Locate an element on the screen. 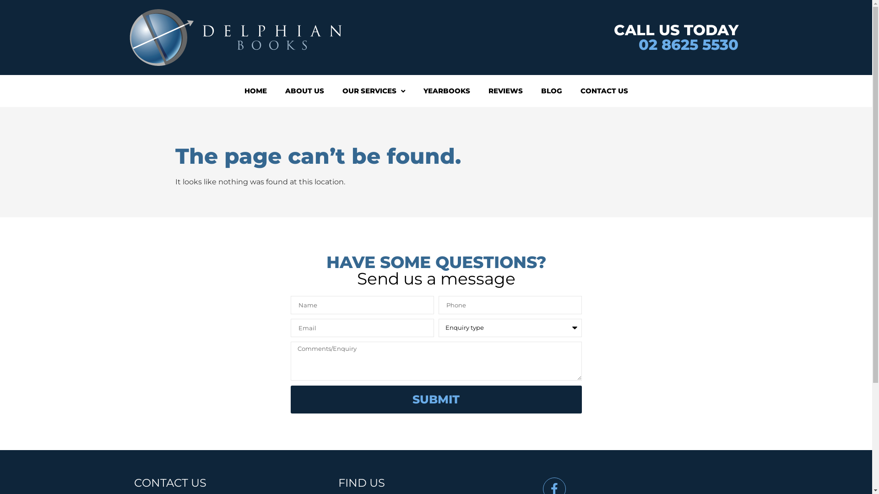 This screenshot has width=879, height=494. 'YEARBOOKS' is located at coordinates (413, 91).